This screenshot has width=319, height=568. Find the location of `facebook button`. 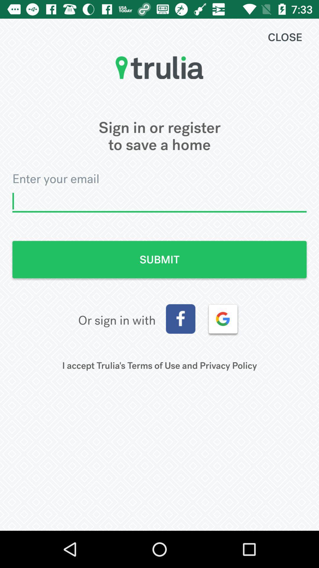

facebook button is located at coordinates (180, 319).